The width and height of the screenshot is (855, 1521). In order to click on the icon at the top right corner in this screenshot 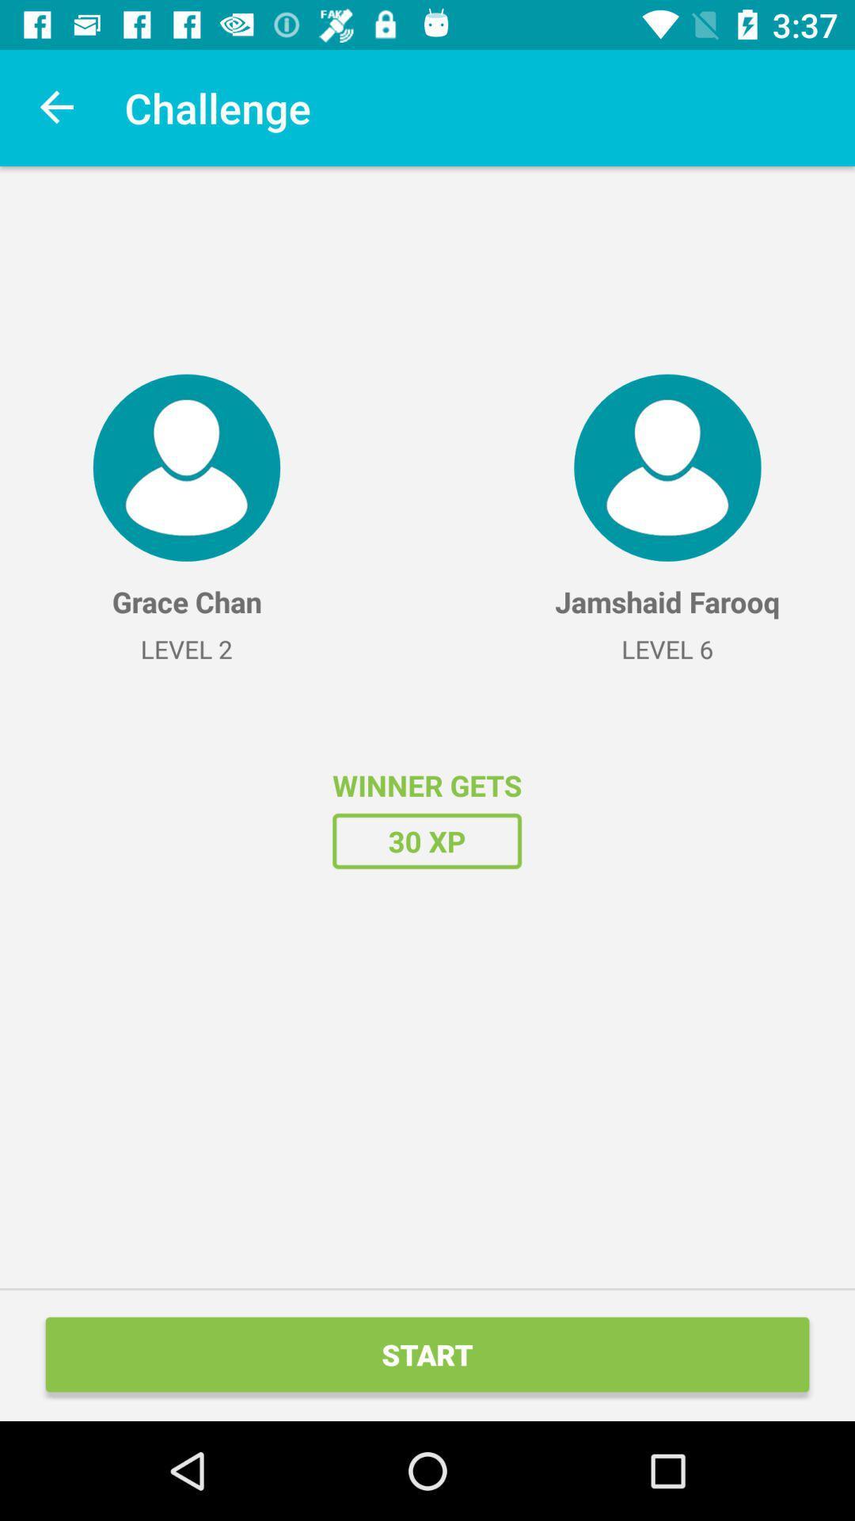, I will do `click(667, 467)`.